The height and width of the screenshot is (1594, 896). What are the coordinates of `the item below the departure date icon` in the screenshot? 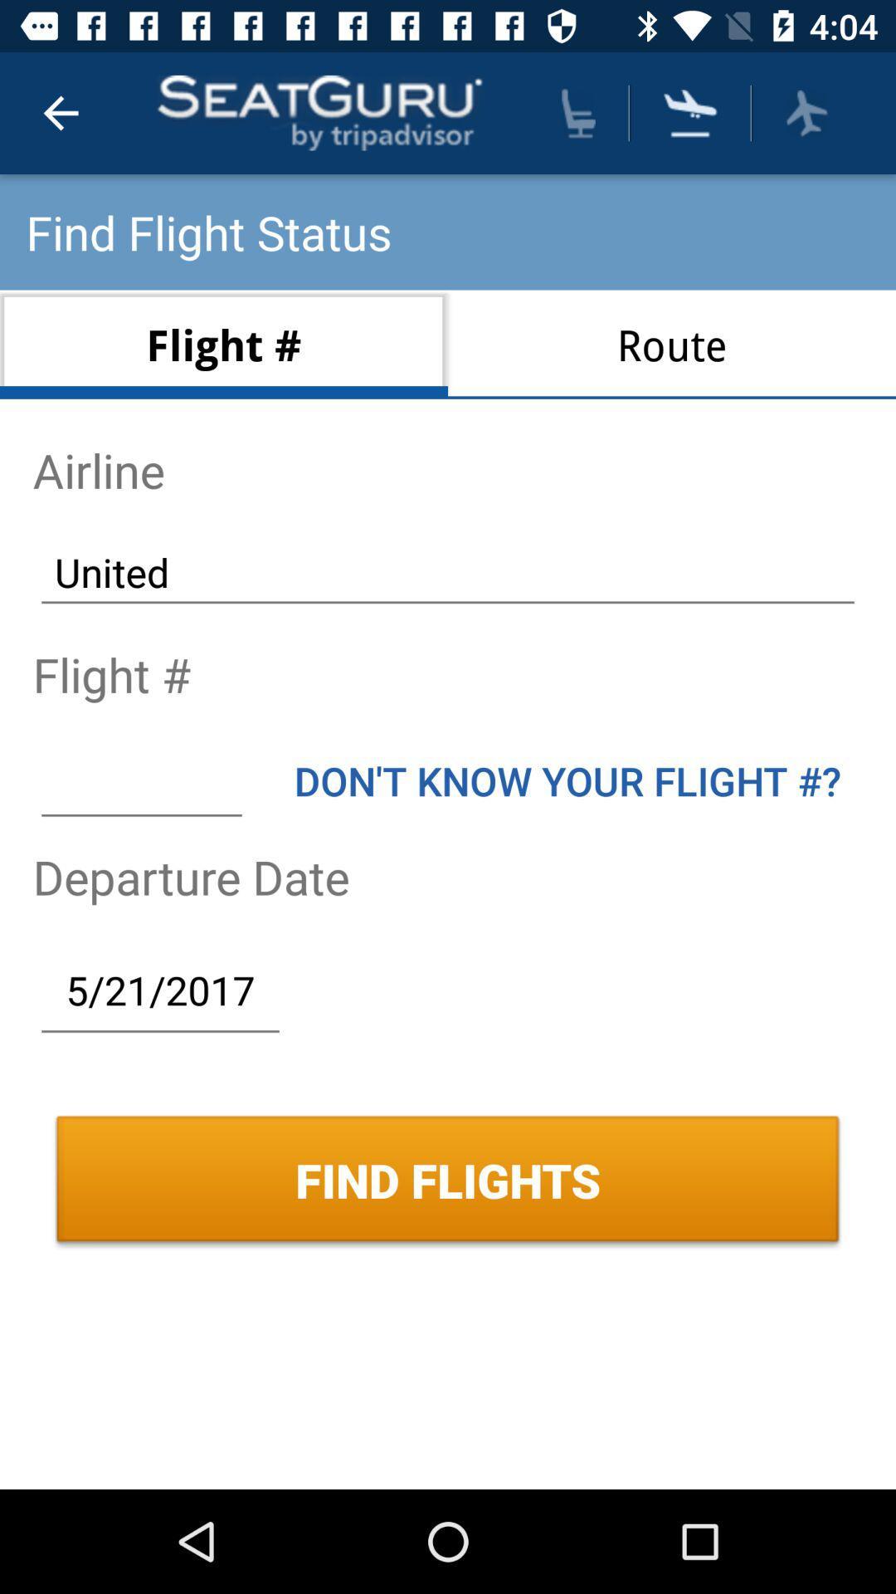 It's located at (160, 990).